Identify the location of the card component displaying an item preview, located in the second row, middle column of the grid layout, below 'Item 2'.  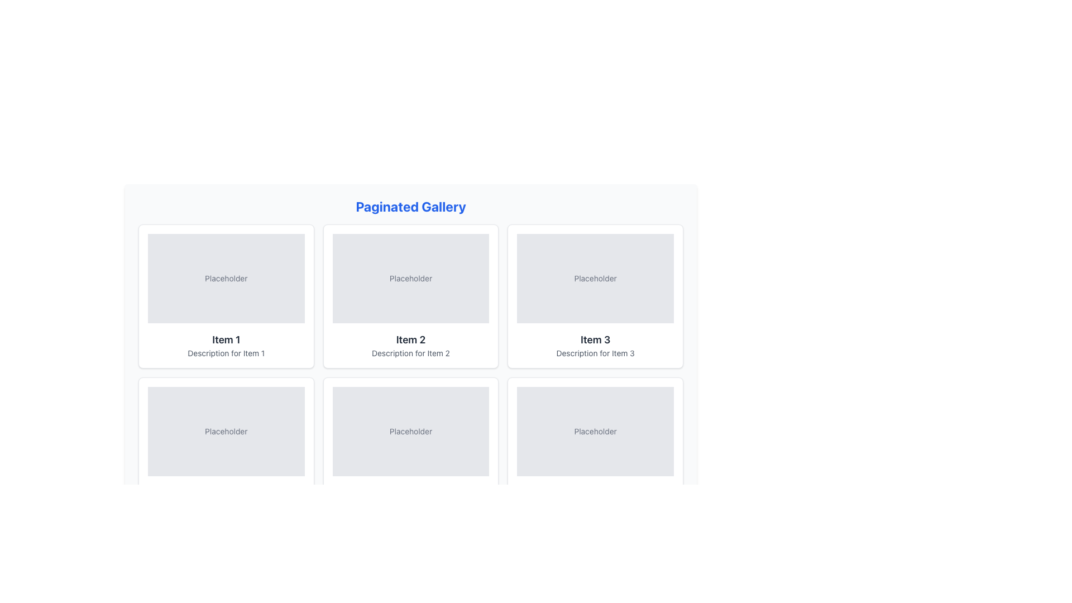
(410, 449).